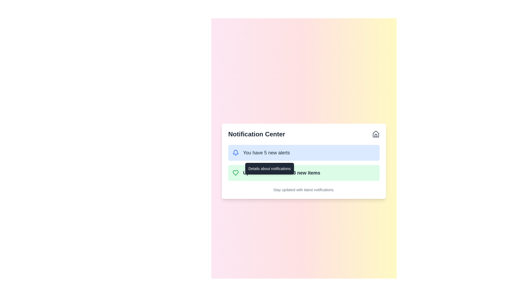 The height and width of the screenshot is (286, 509). What do you see at coordinates (304, 162) in the screenshot?
I see `the second notification item in the Notification Center, which displays details about updates or alerts` at bounding box center [304, 162].